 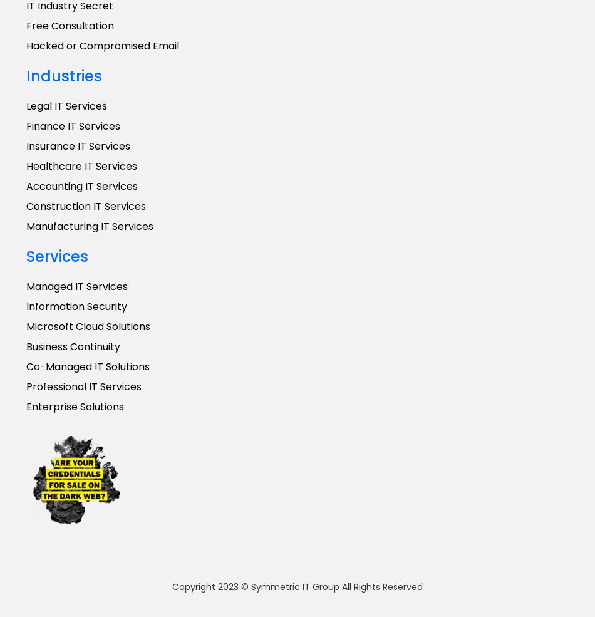 What do you see at coordinates (26, 366) in the screenshot?
I see `'Co-Managed IT Solutions'` at bounding box center [26, 366].